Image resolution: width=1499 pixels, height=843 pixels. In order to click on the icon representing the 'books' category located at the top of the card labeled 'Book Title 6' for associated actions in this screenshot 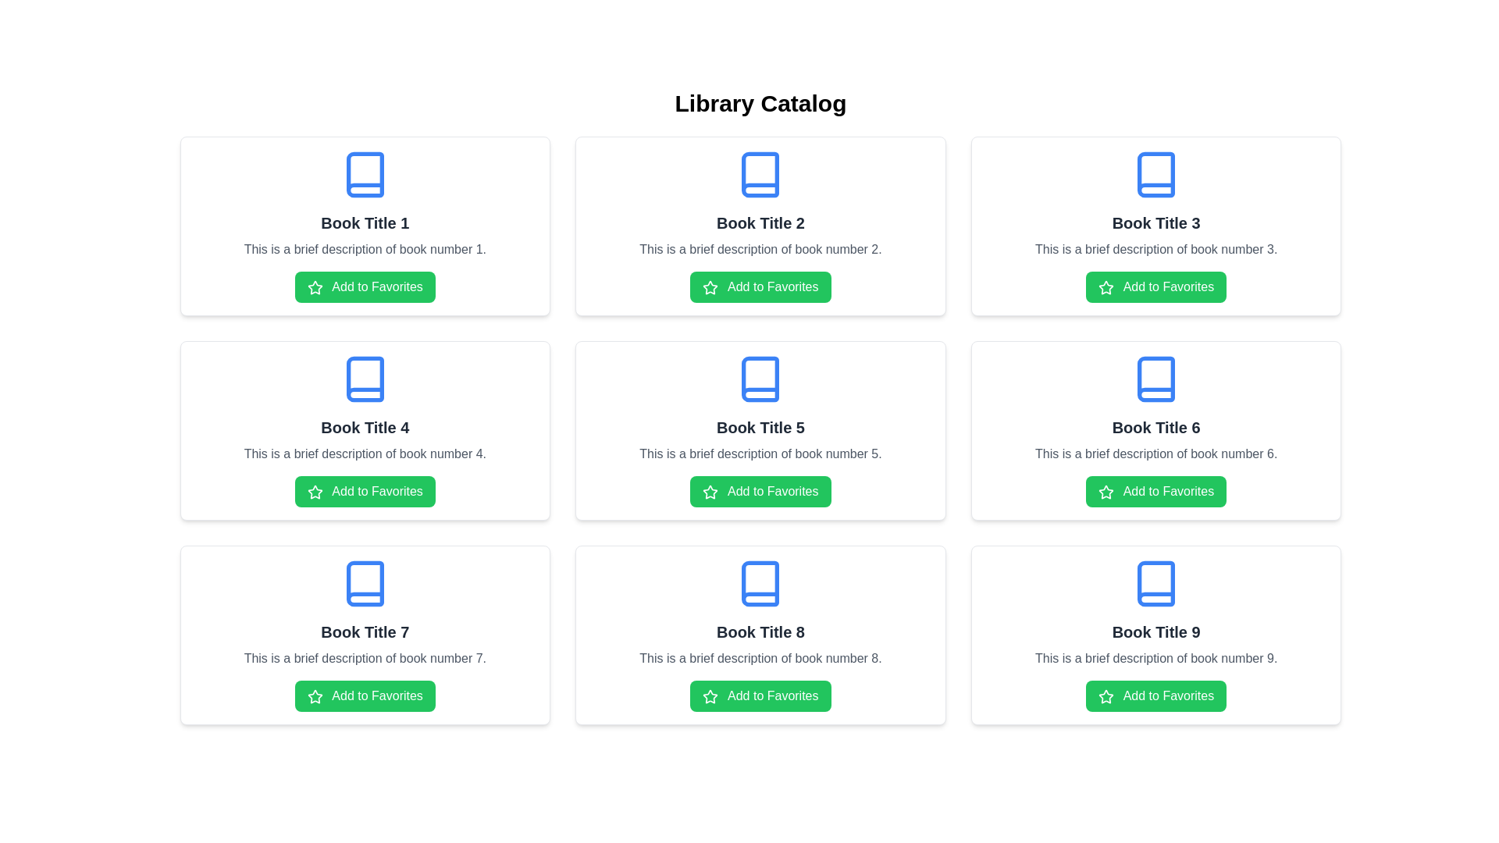, I will do `click(1156, 379)`.